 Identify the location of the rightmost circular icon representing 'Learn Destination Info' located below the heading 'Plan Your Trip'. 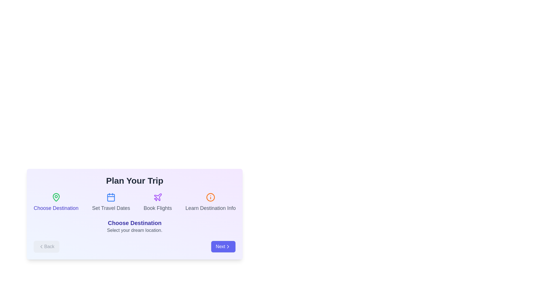
(210, 197).